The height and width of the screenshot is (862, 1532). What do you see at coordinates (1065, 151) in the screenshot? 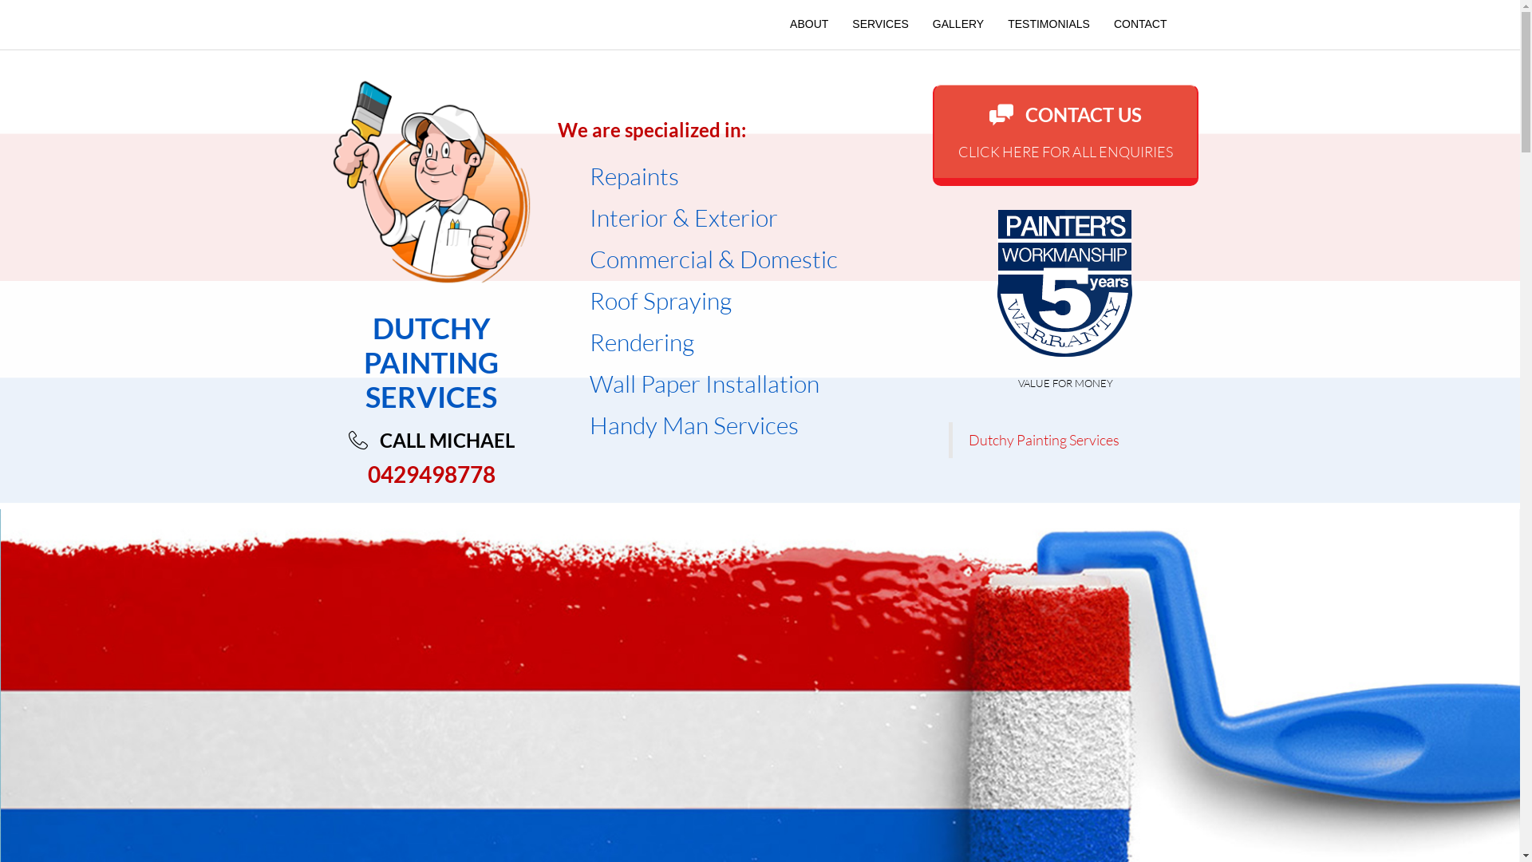
I see `'CLICK HERE FOR ALL ENQUIRIES'` at bounding box center [1065, 151].